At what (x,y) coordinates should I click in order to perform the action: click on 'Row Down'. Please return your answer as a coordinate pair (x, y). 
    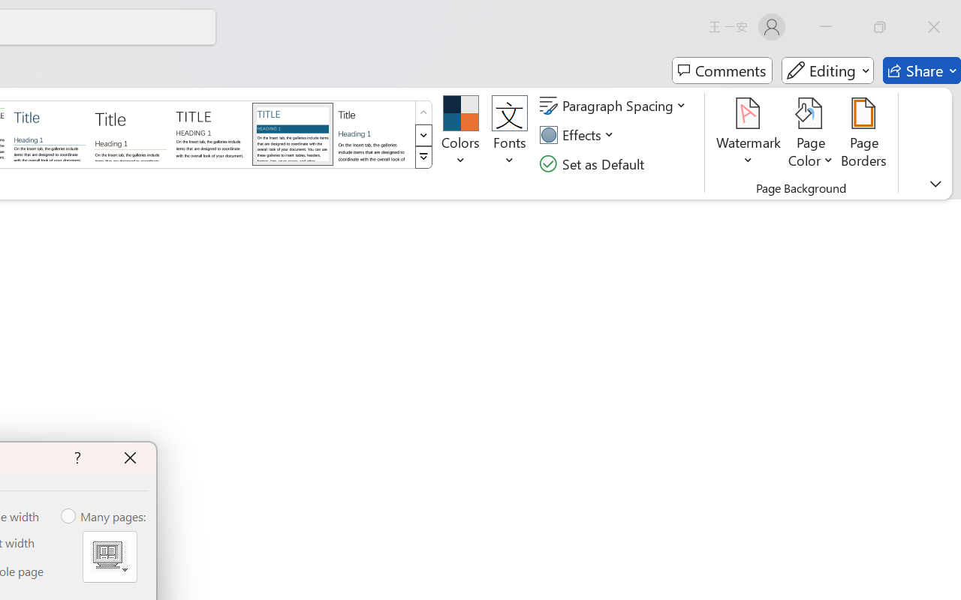
    Looking at the image, I should click on (423, 134).